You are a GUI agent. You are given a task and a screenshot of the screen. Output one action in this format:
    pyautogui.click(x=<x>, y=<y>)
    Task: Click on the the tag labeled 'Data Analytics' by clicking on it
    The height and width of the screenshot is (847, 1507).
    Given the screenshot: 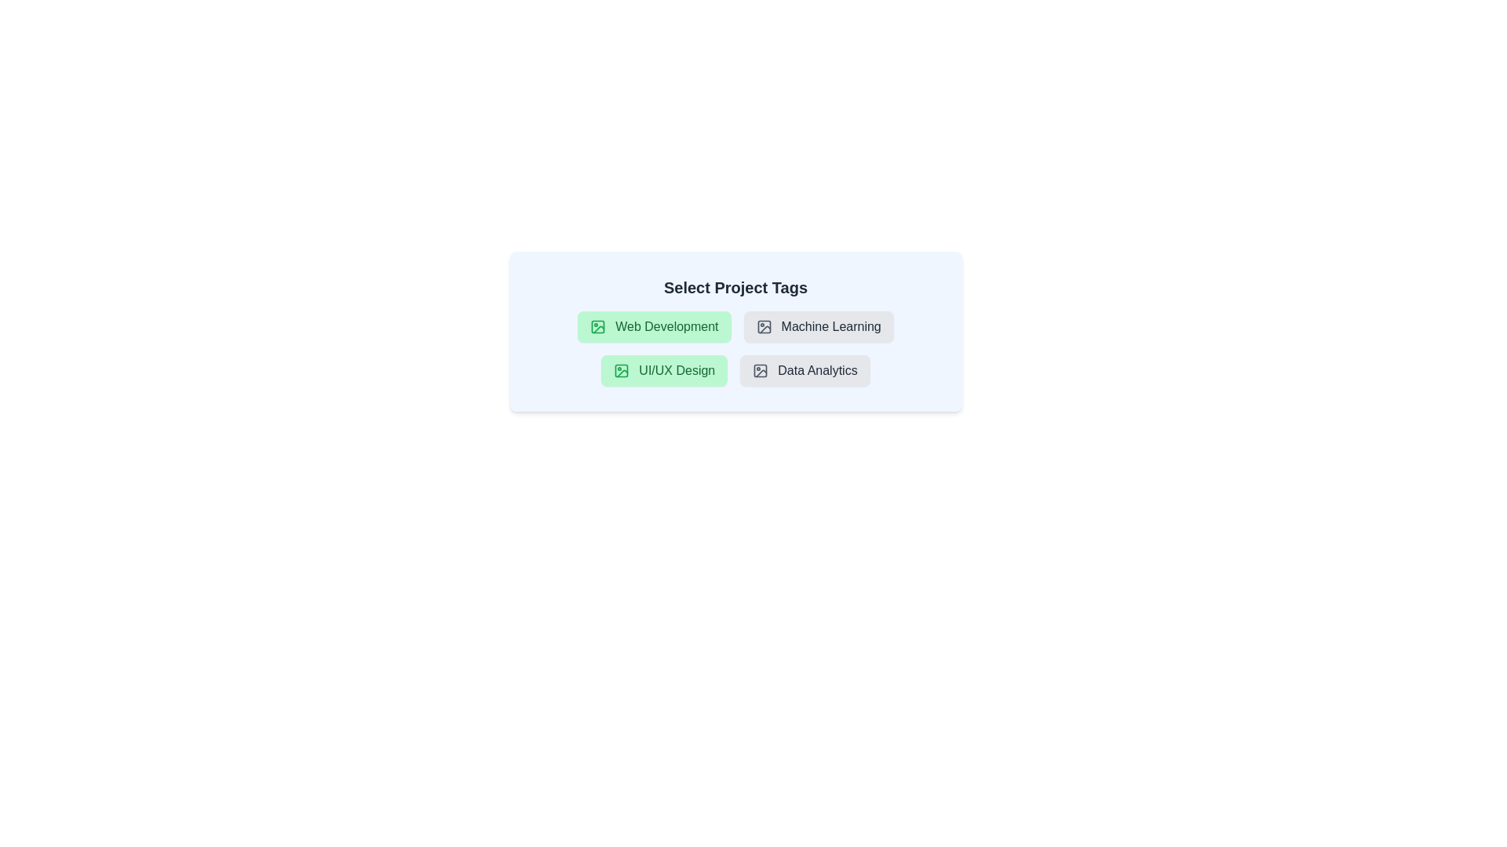 What is the action you would take?
    pyautogui.click(x=805, y=371)
    